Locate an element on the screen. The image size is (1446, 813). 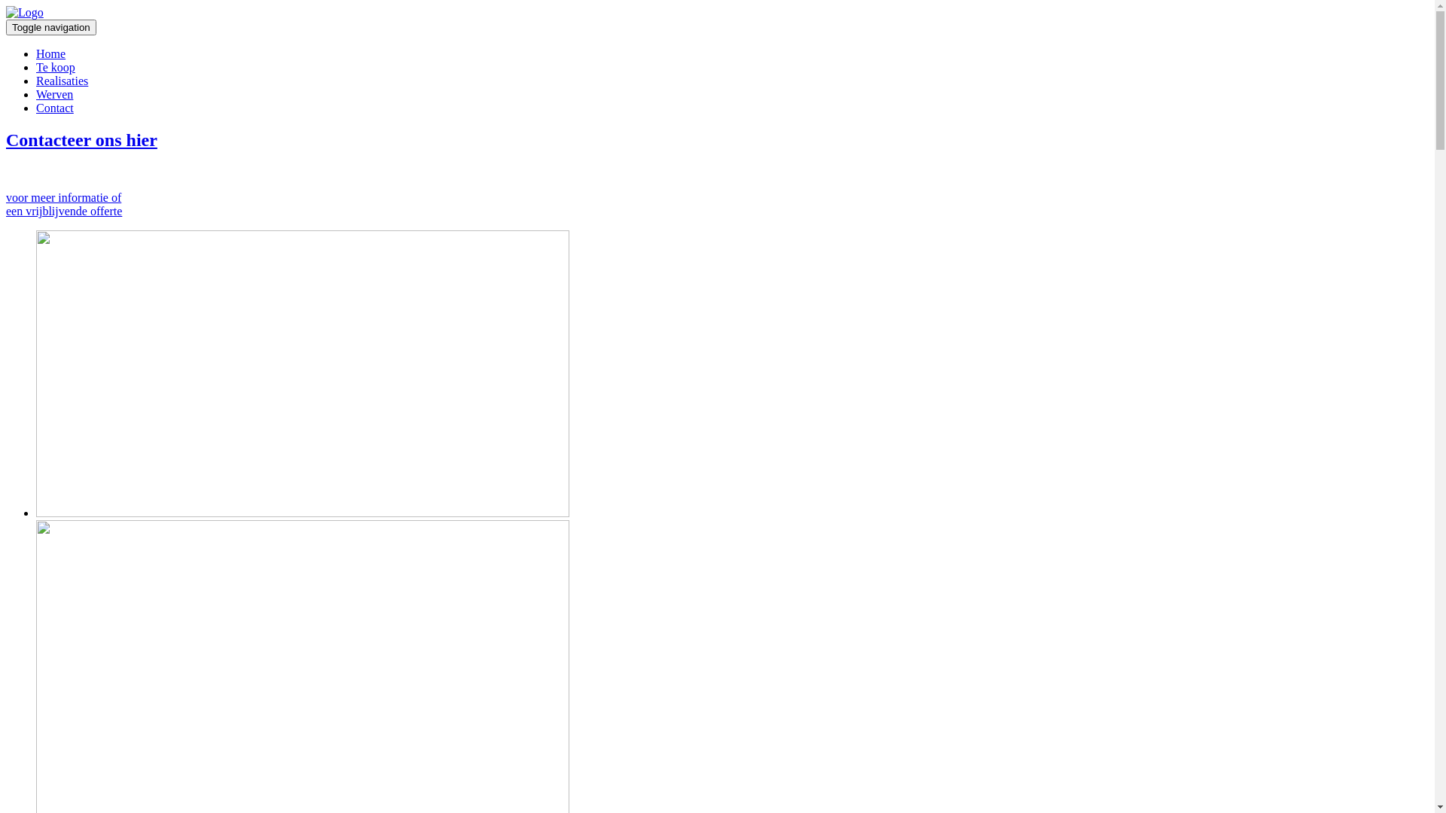
'Werven' is located at coordinates (54, 94).